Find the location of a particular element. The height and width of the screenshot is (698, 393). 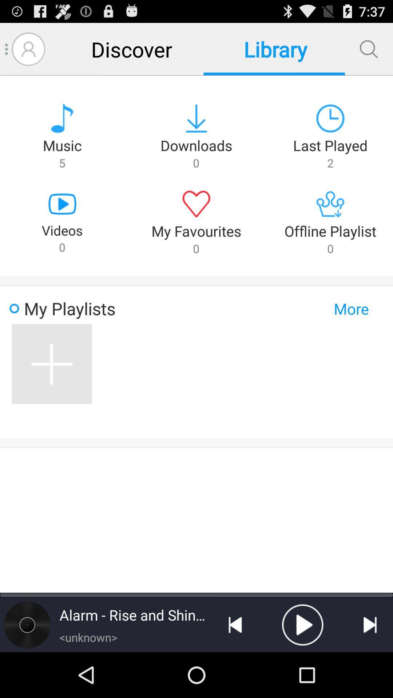

album is located at coordinates (27, 624).